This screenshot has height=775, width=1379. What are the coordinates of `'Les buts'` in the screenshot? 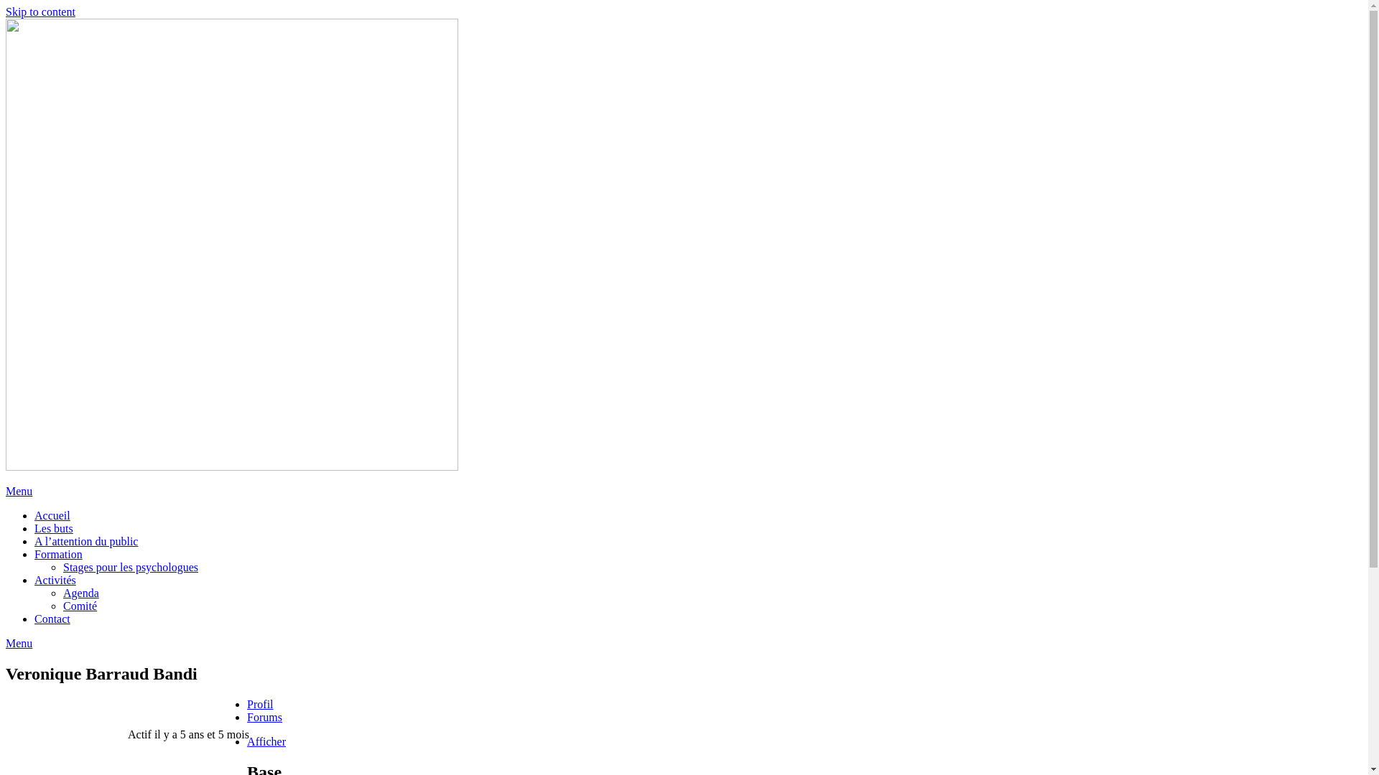 It's located at (54, 528).